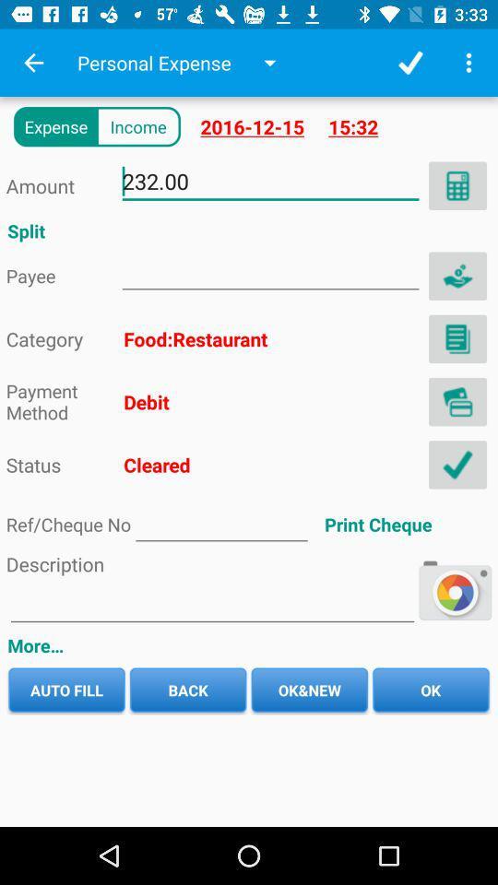 The width and height of the screenshot is (498, 885). What do you see at coordinates (221, 524) in the screenshot?
I see `address page` at bounding box center [221, 524].